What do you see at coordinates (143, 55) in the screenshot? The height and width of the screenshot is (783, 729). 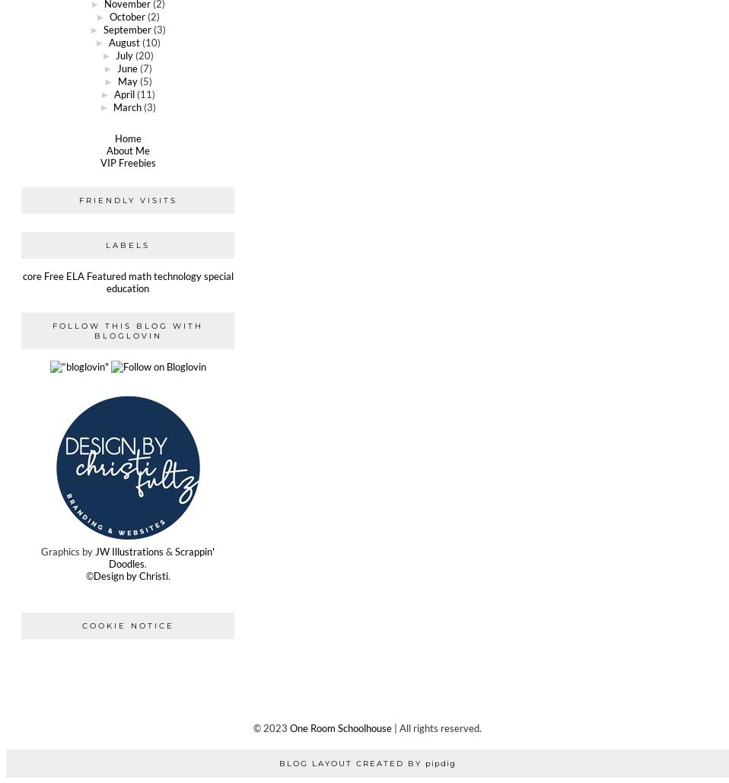 I see `'(20)'` at bounding box center [143, 55].